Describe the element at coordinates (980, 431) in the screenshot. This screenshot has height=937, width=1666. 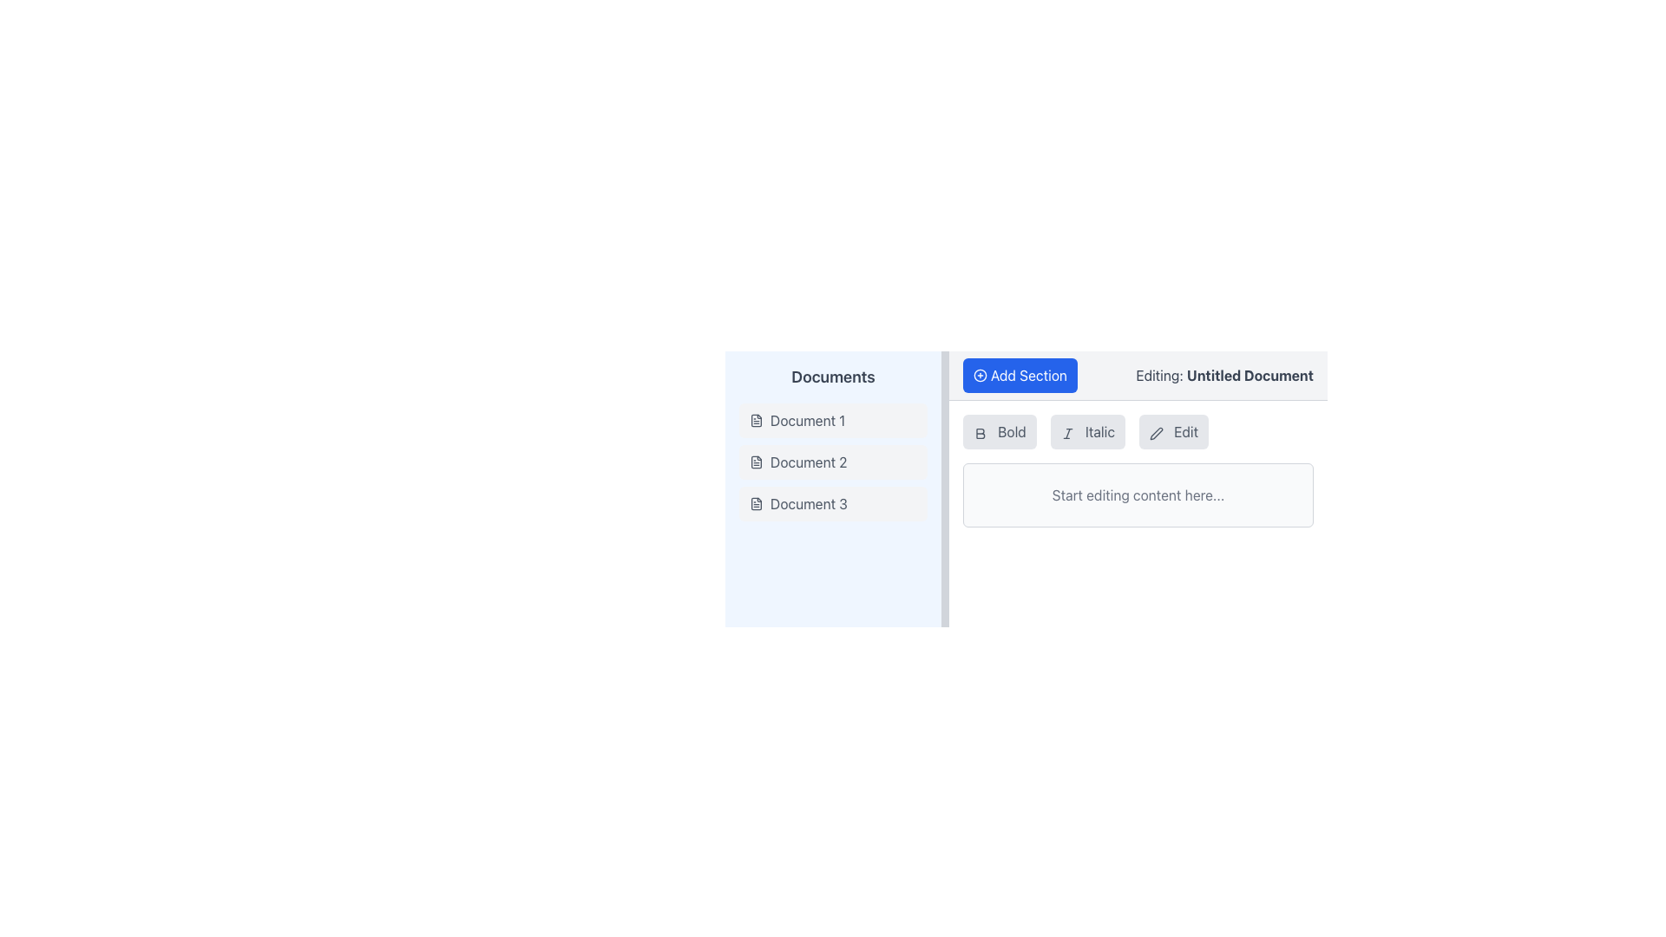
I see `the bold toggle button located in the upper right corner of the interface` at that location.